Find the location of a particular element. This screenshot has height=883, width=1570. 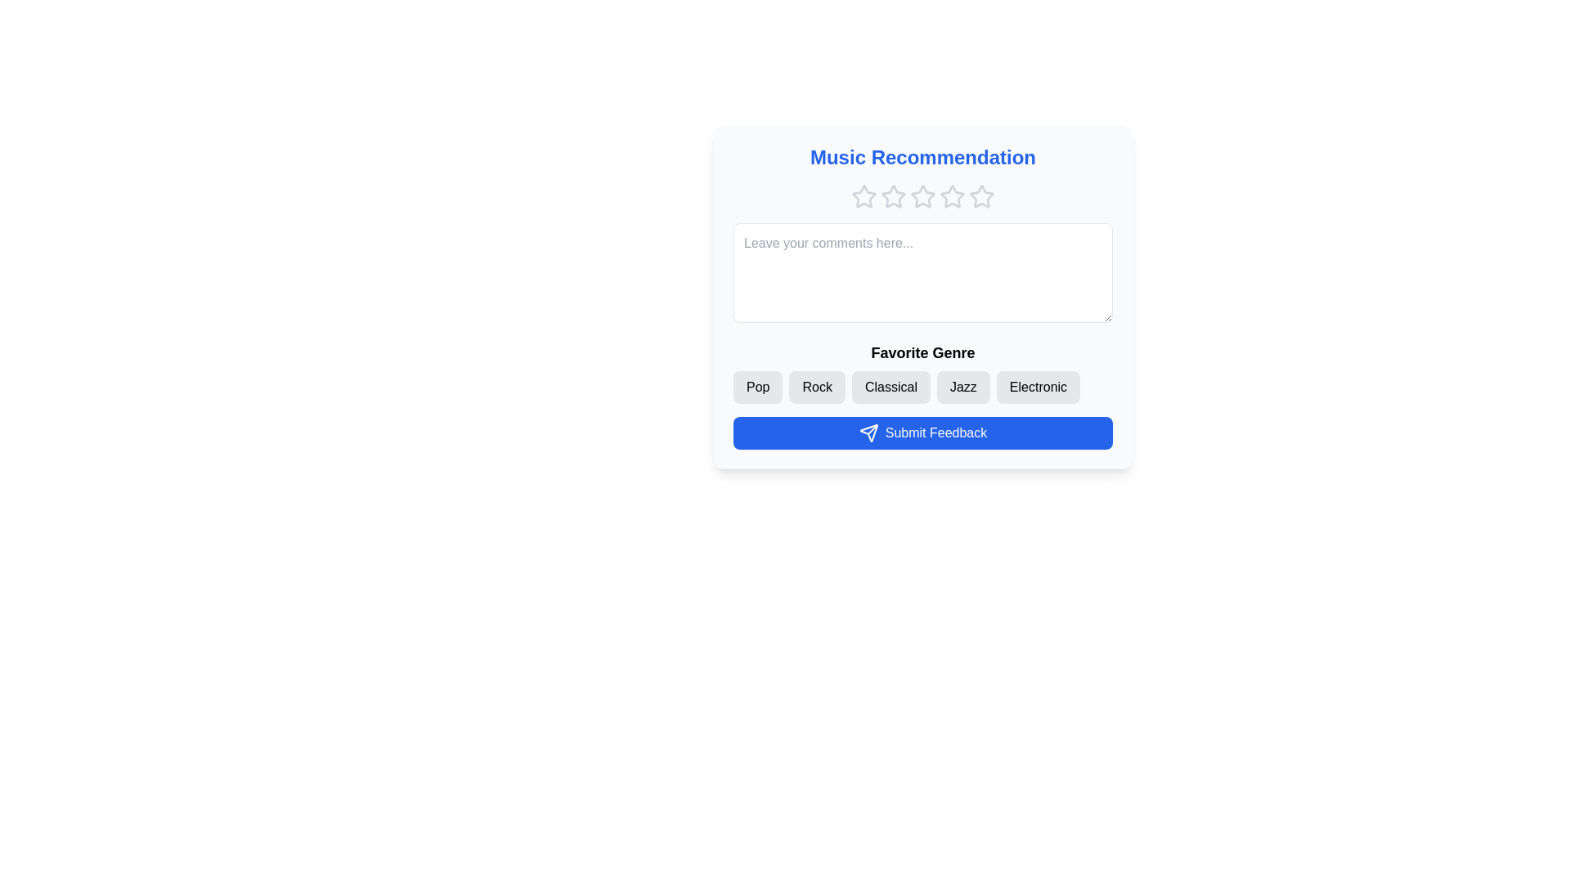

the airplane icon located within the 'Submit Feedback' button, which is centered horizontally towards the bottom of the form layout is located at coordinates (868, 432).